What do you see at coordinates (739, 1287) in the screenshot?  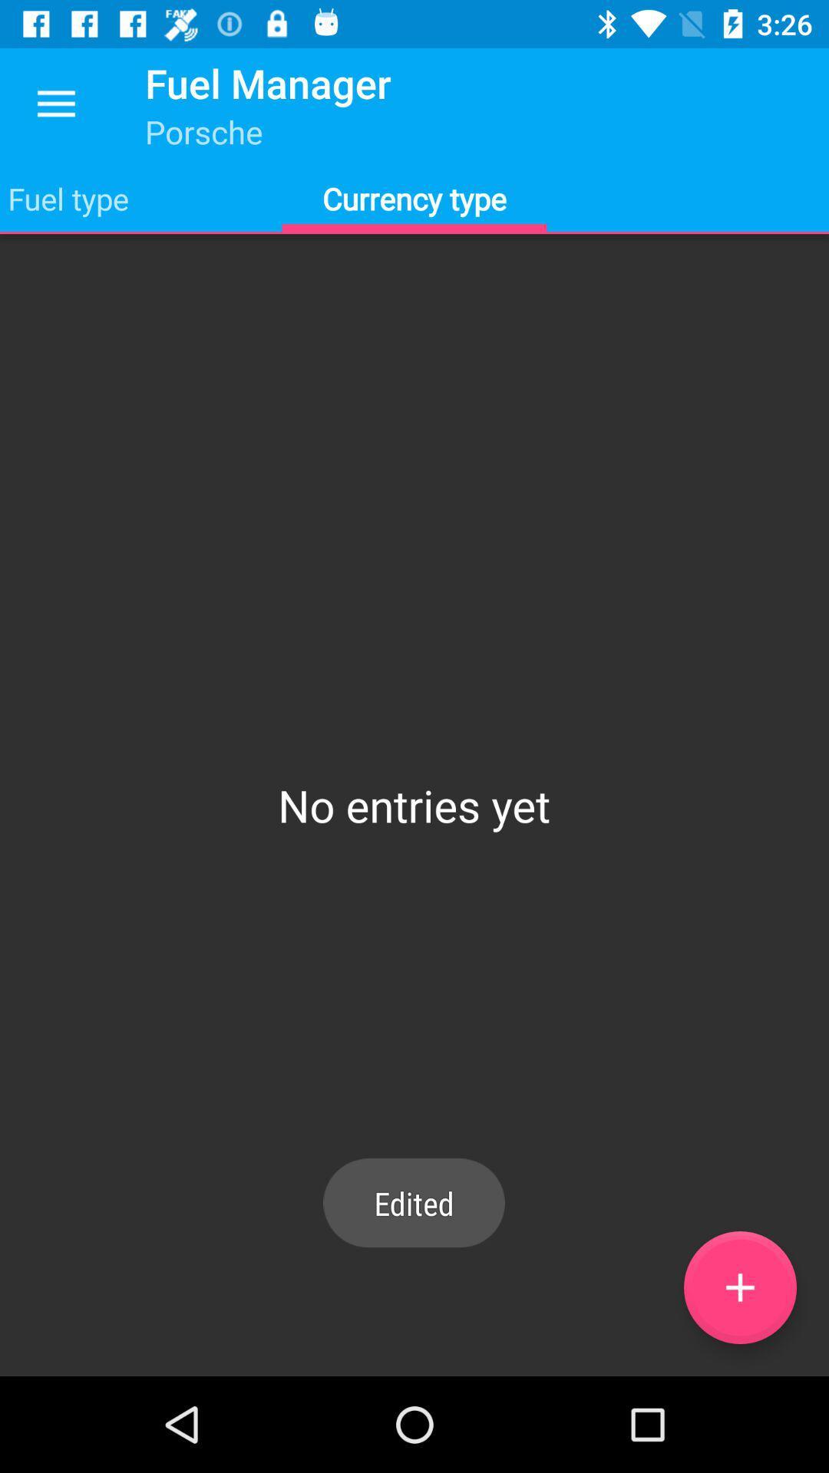 I see `currency type` at bounding box center [739, 1287].